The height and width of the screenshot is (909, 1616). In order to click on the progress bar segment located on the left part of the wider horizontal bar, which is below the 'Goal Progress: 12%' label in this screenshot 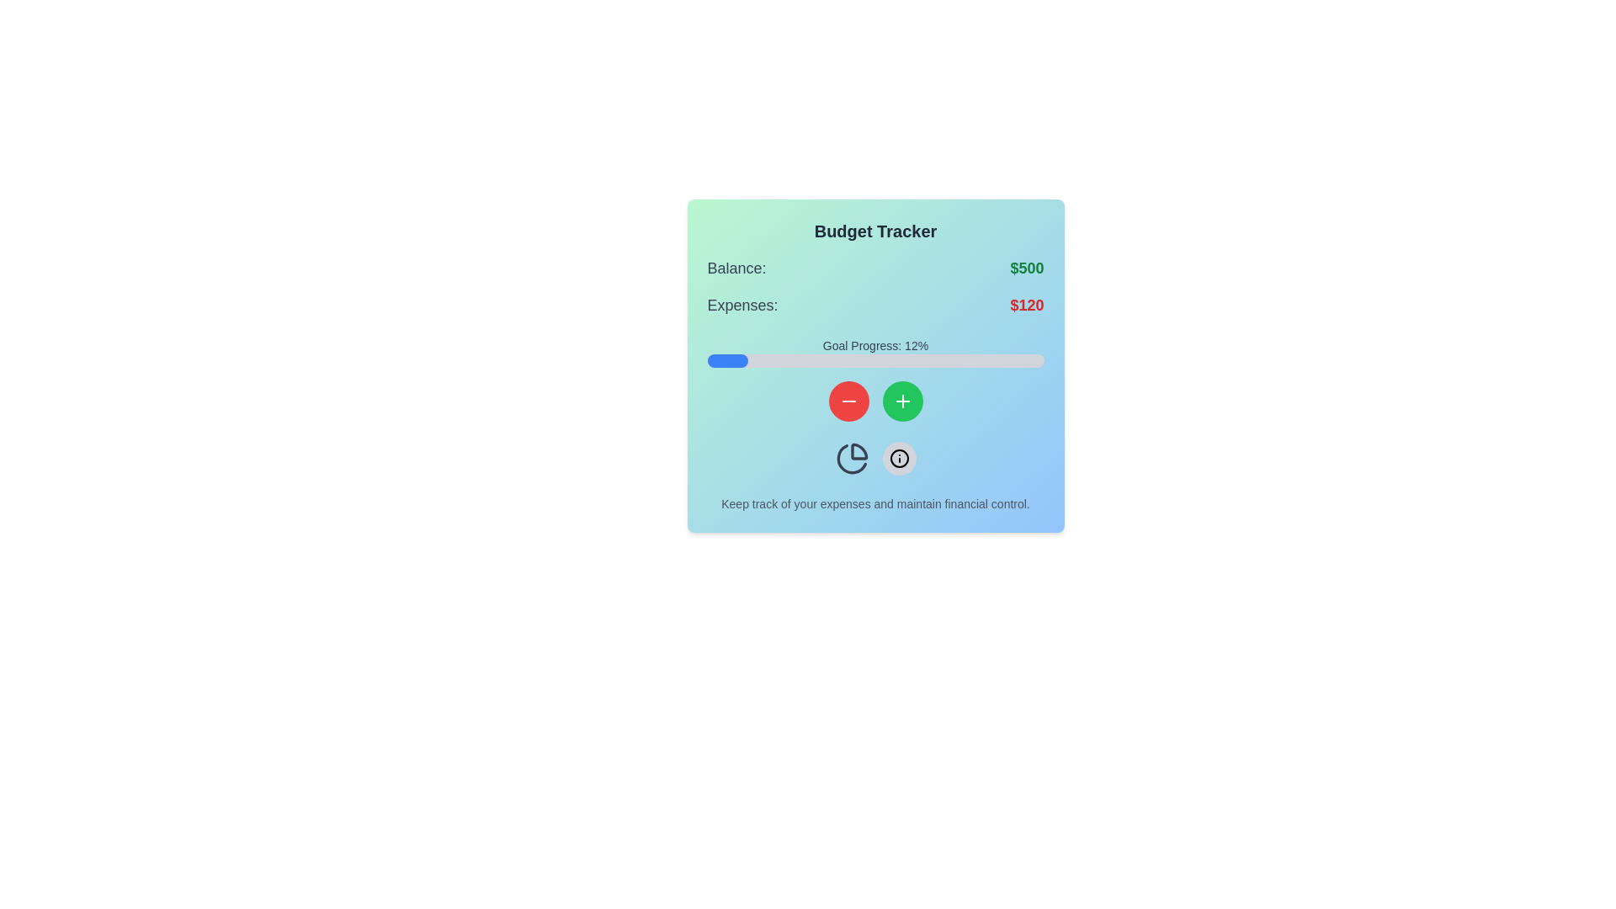, I will do `click(727, 359)`.